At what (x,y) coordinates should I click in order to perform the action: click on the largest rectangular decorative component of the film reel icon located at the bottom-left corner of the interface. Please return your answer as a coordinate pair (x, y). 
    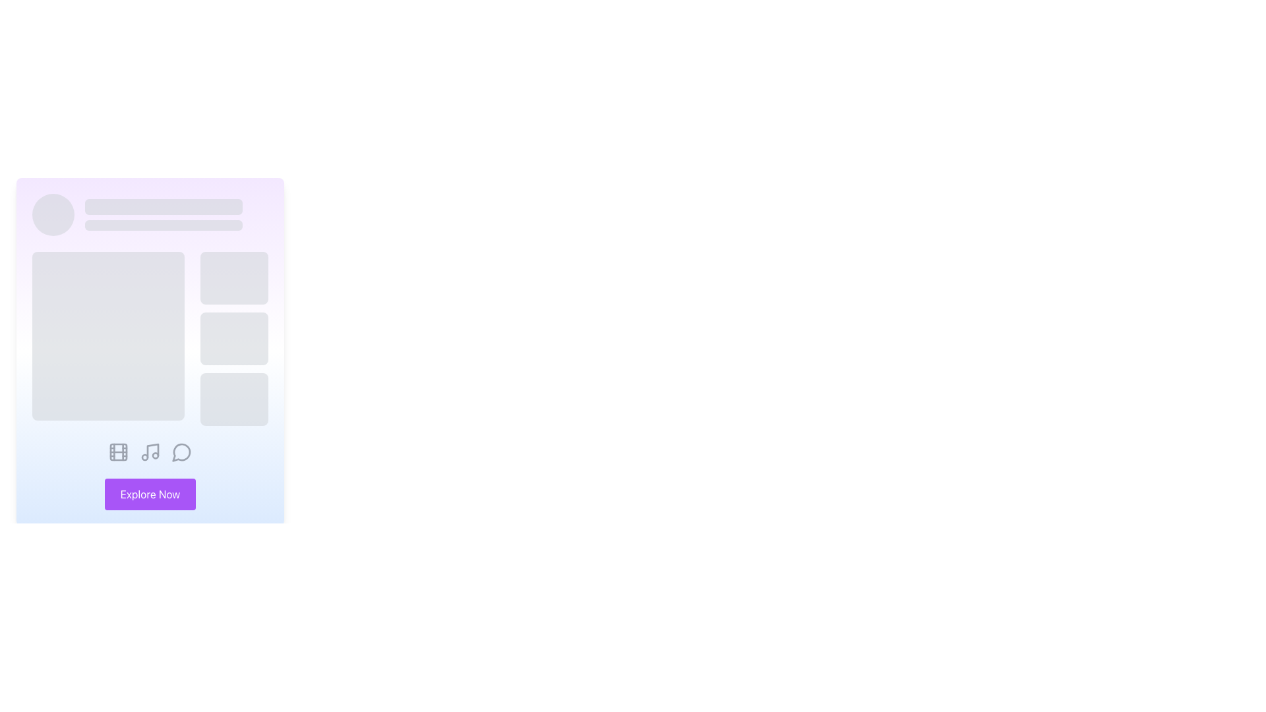
    Looking at the image, I should click on (119, 452).